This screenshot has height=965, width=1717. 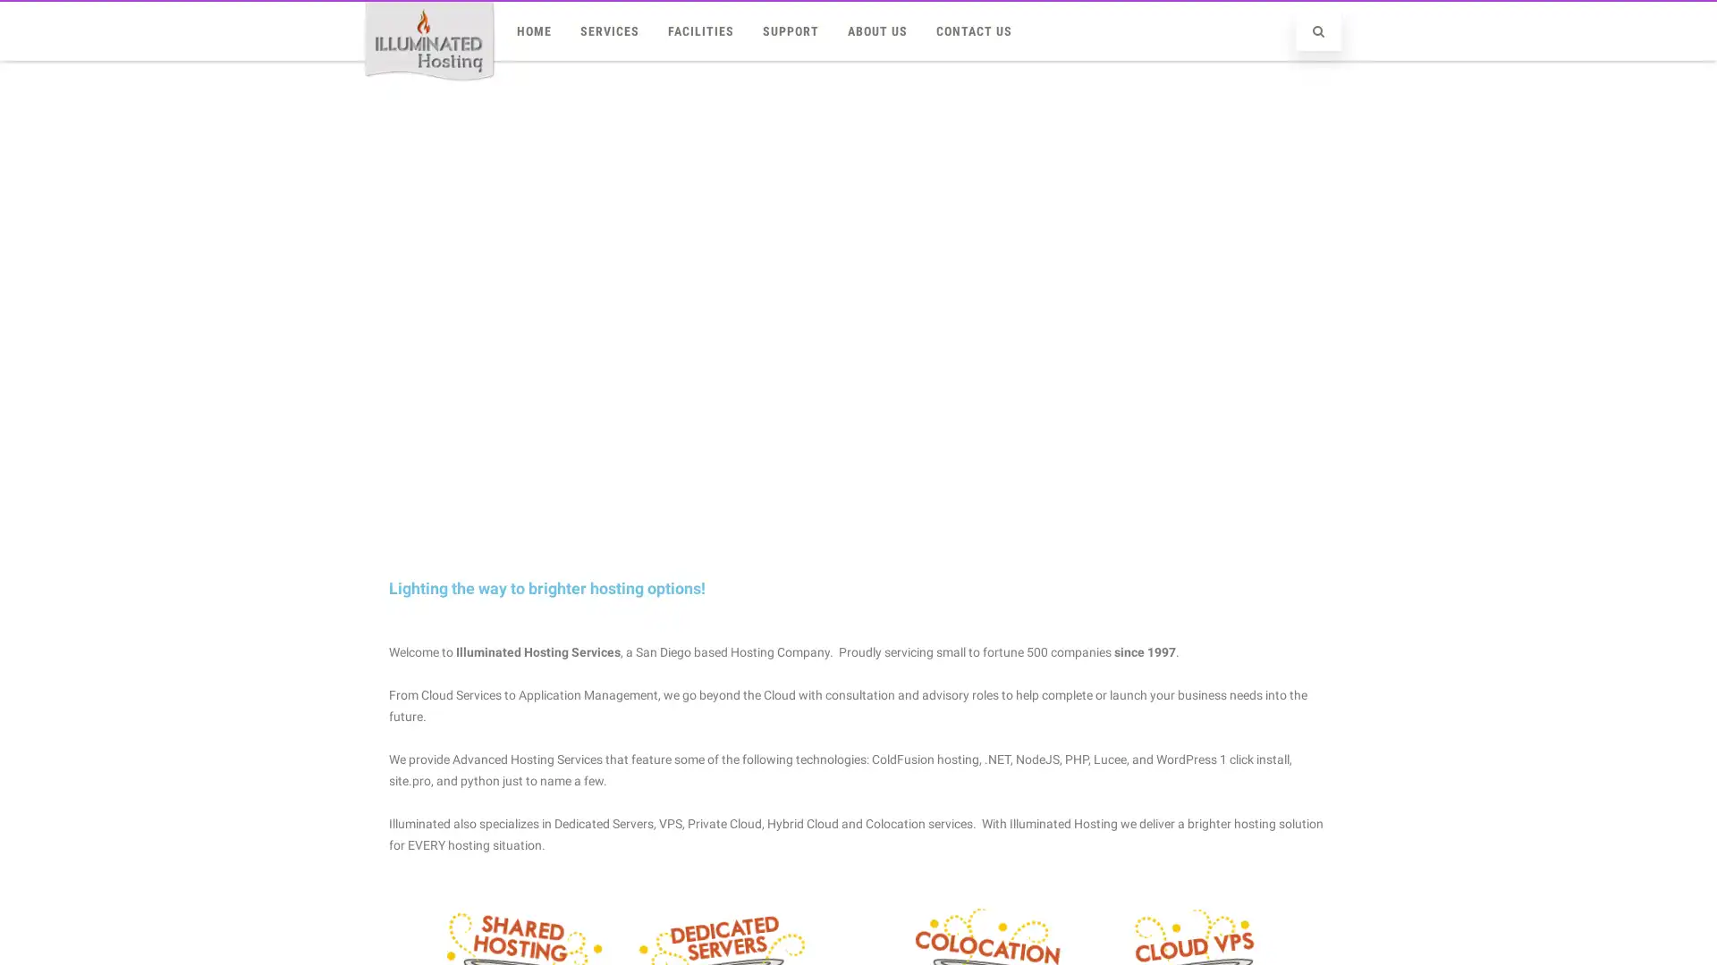 What do you see at coordinates (27, 328) in the screenshot?
I see `previous arrow` at bounding box center [27, 328].